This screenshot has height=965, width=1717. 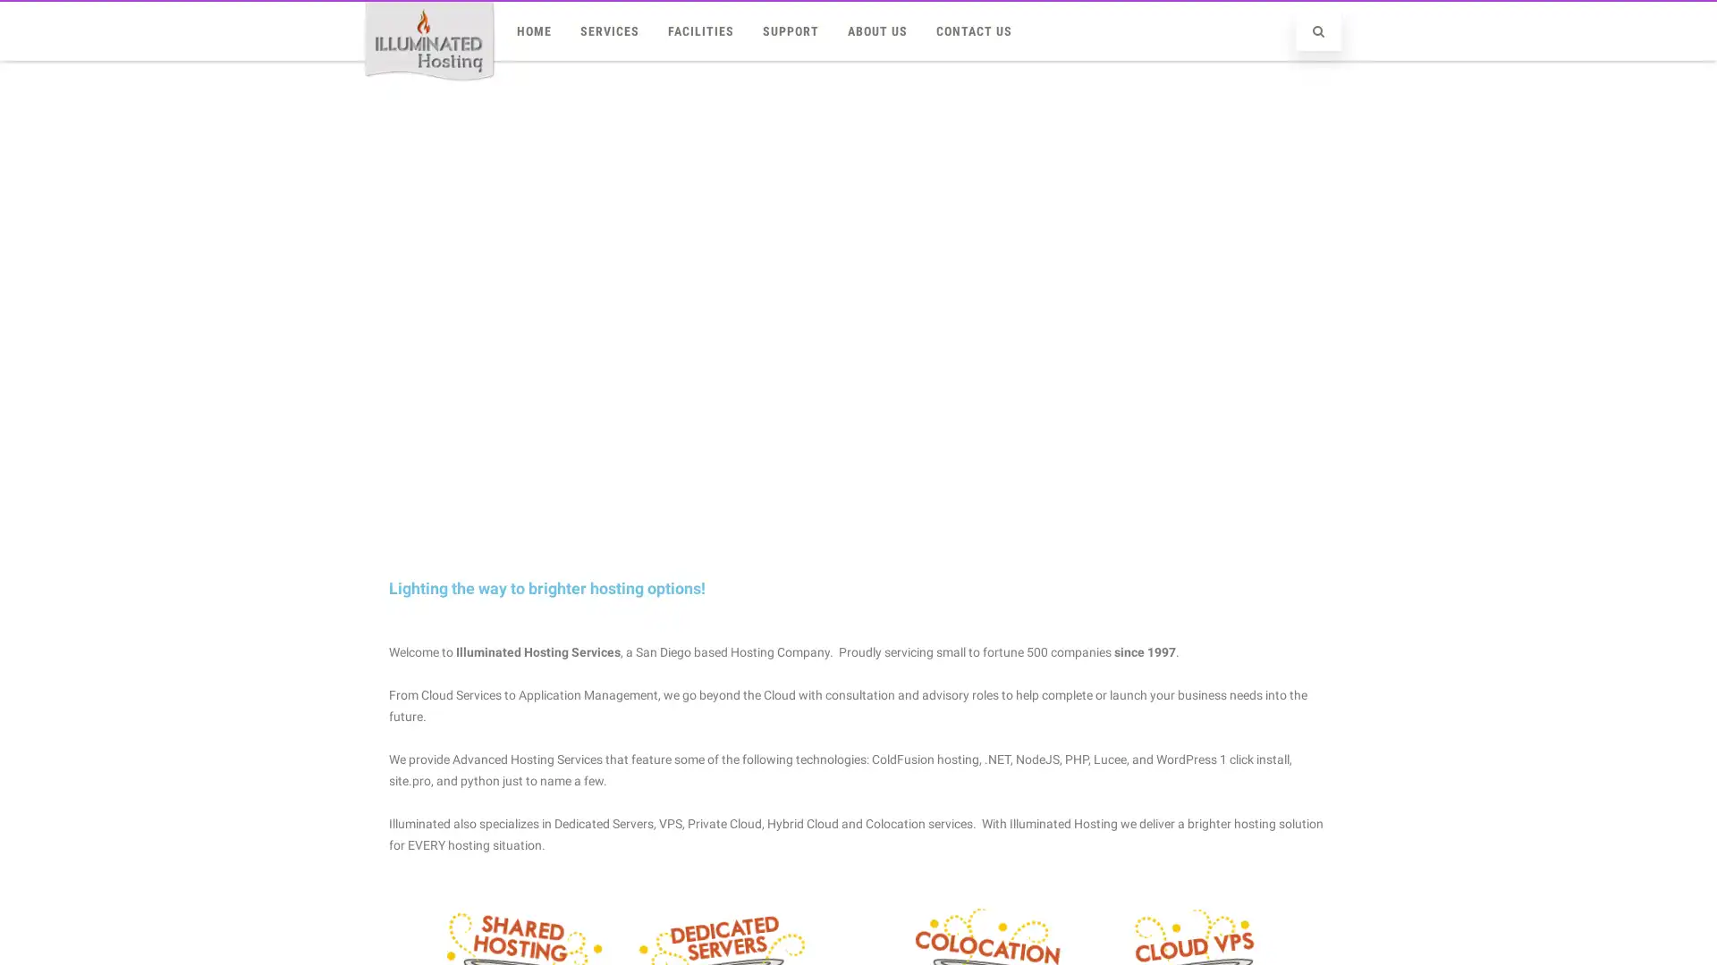 What do you see at coordinates (27, 328) in the screenshot?
I see `previous arrow` at bounding box center [27, 328].